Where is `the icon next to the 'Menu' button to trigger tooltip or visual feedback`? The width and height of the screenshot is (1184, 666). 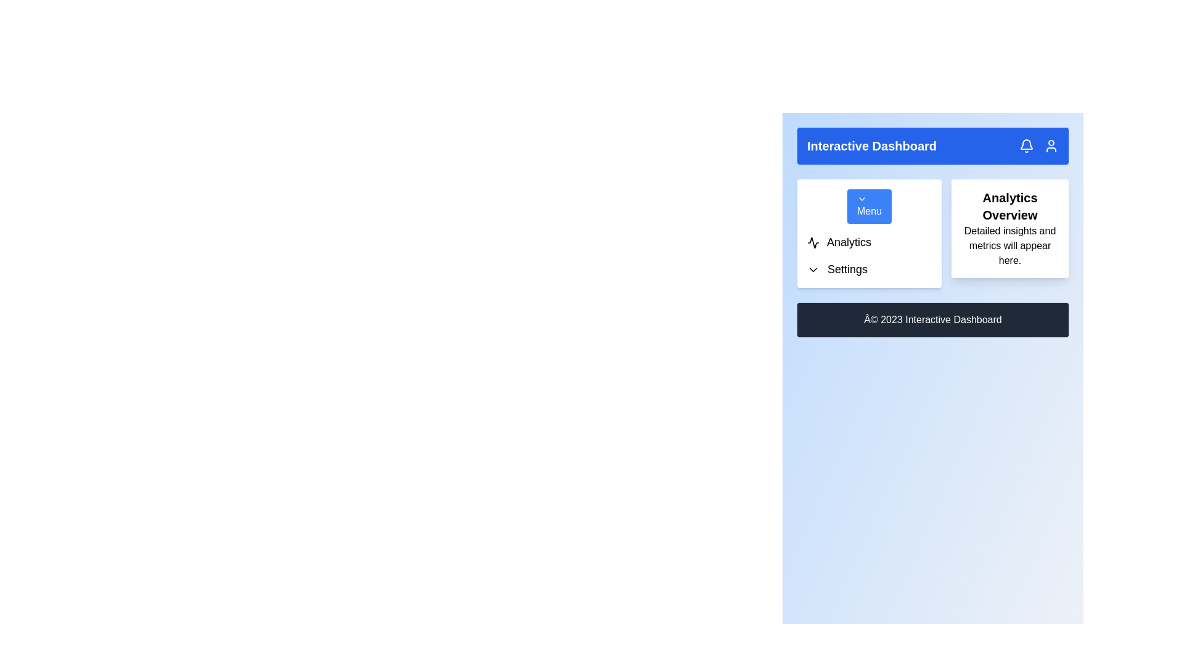 the icon next to the 'Menu' button to trigger tooltip or visual feedback is located at coordinates (861, 199).